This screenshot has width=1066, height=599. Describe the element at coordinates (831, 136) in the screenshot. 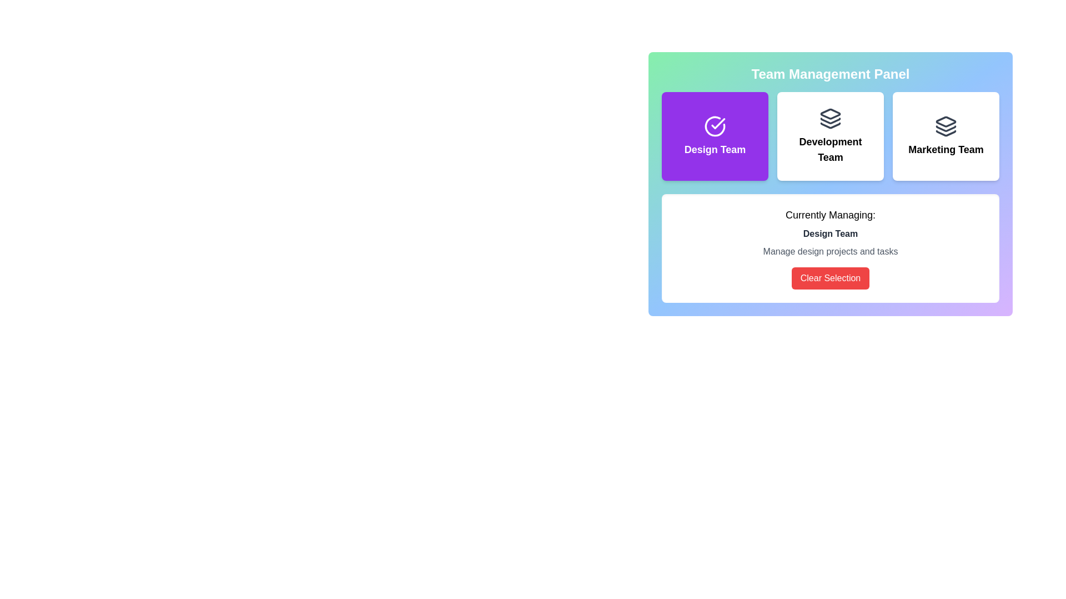

I see `the 'Development Team' button` at that location.